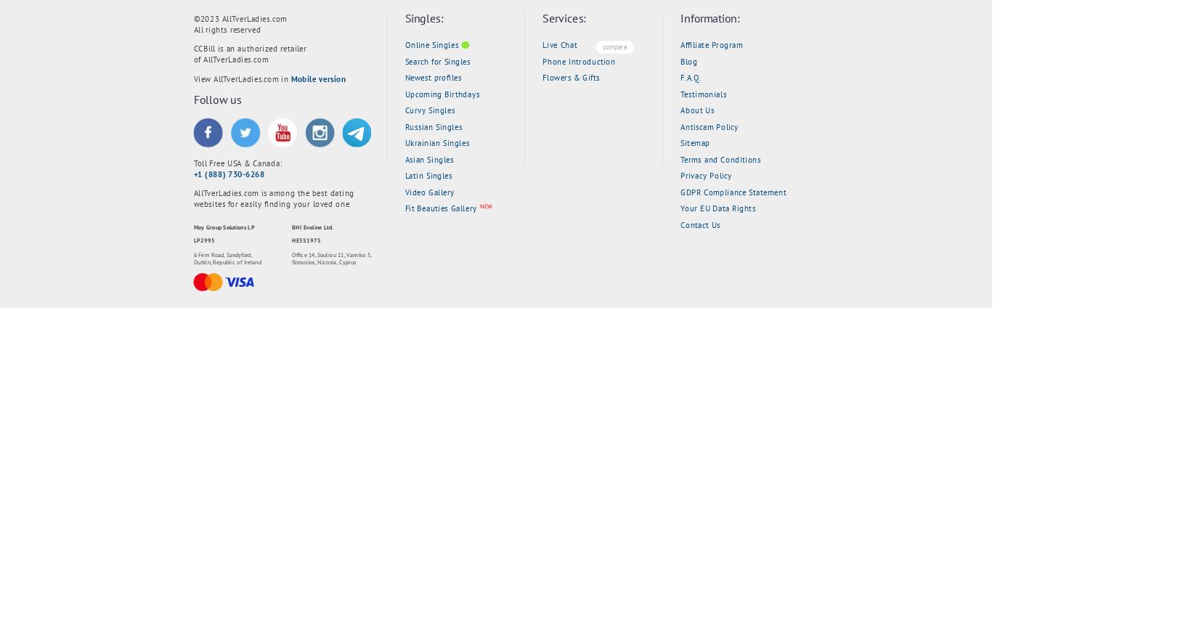 This screenshot has width=1191, height=618. What do you see at coordinates (720, 159) in the screenshot?
I see `'Terms and Conditions'` at bounding box center [720, 159].